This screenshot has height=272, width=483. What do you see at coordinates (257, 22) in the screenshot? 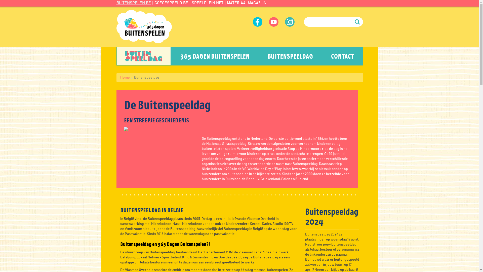
I see `'Volg ons op Facebook'` at bounding box center [257, 22].